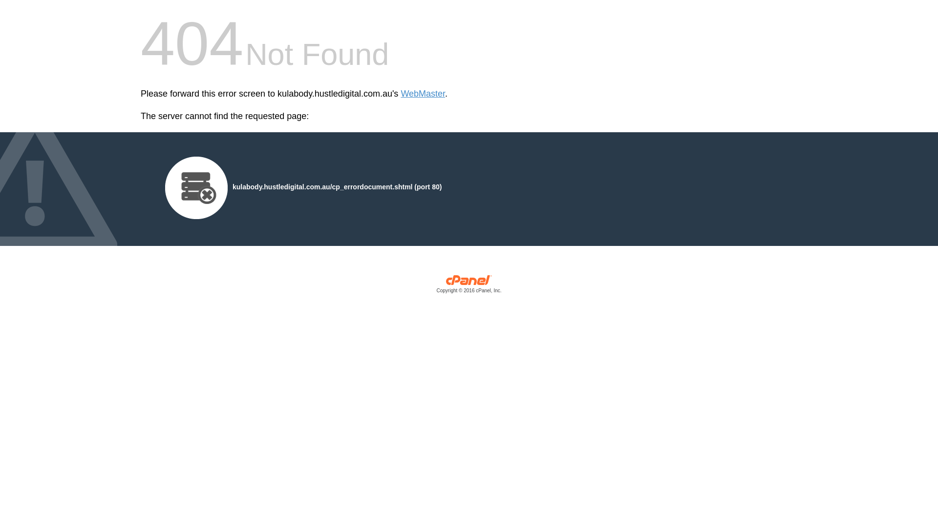  Describe the element at coordinates (423, 94) in the screenshot. I see `'WebMaster'` at that location.